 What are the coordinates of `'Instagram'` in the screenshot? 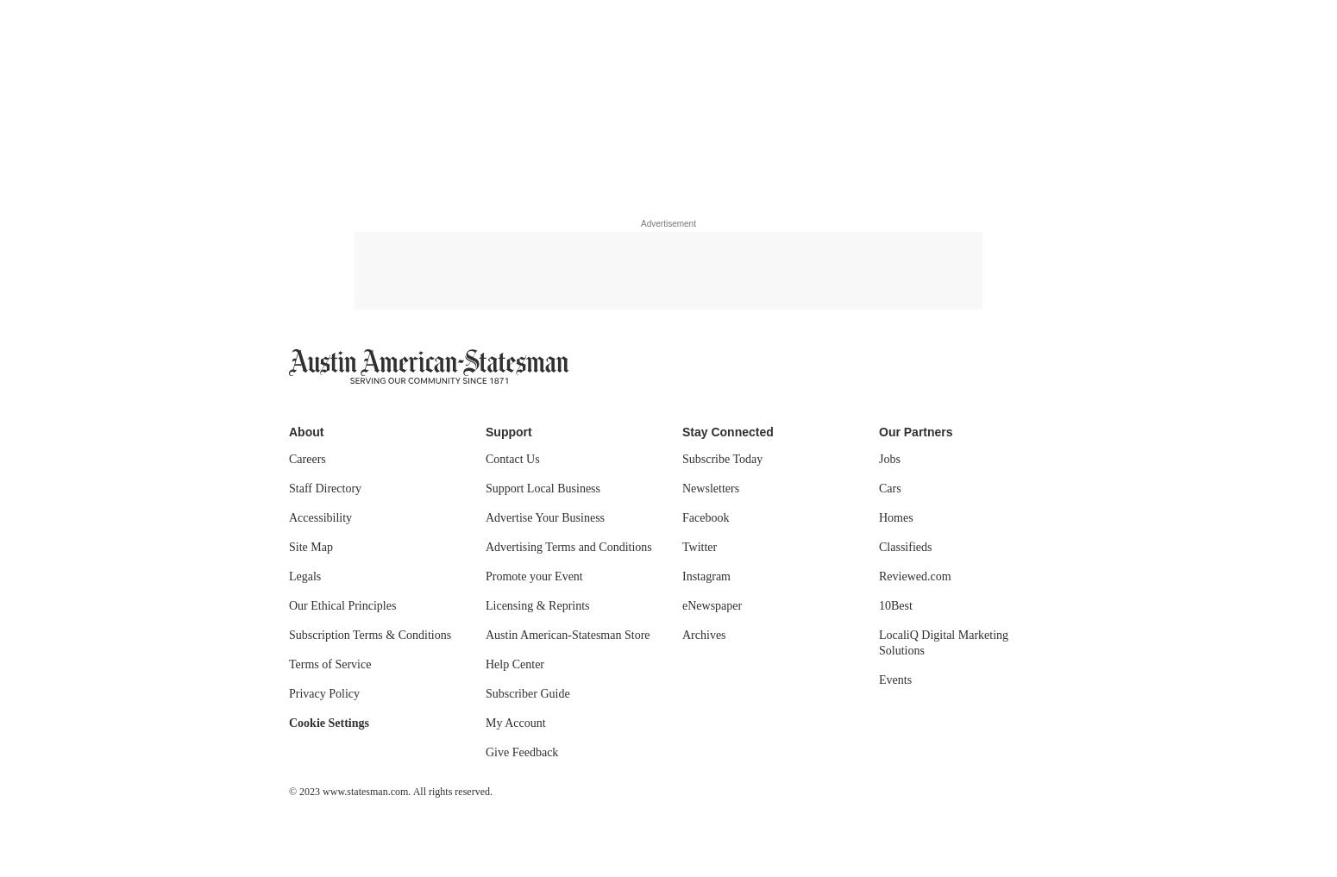 It's located at (705, 576).